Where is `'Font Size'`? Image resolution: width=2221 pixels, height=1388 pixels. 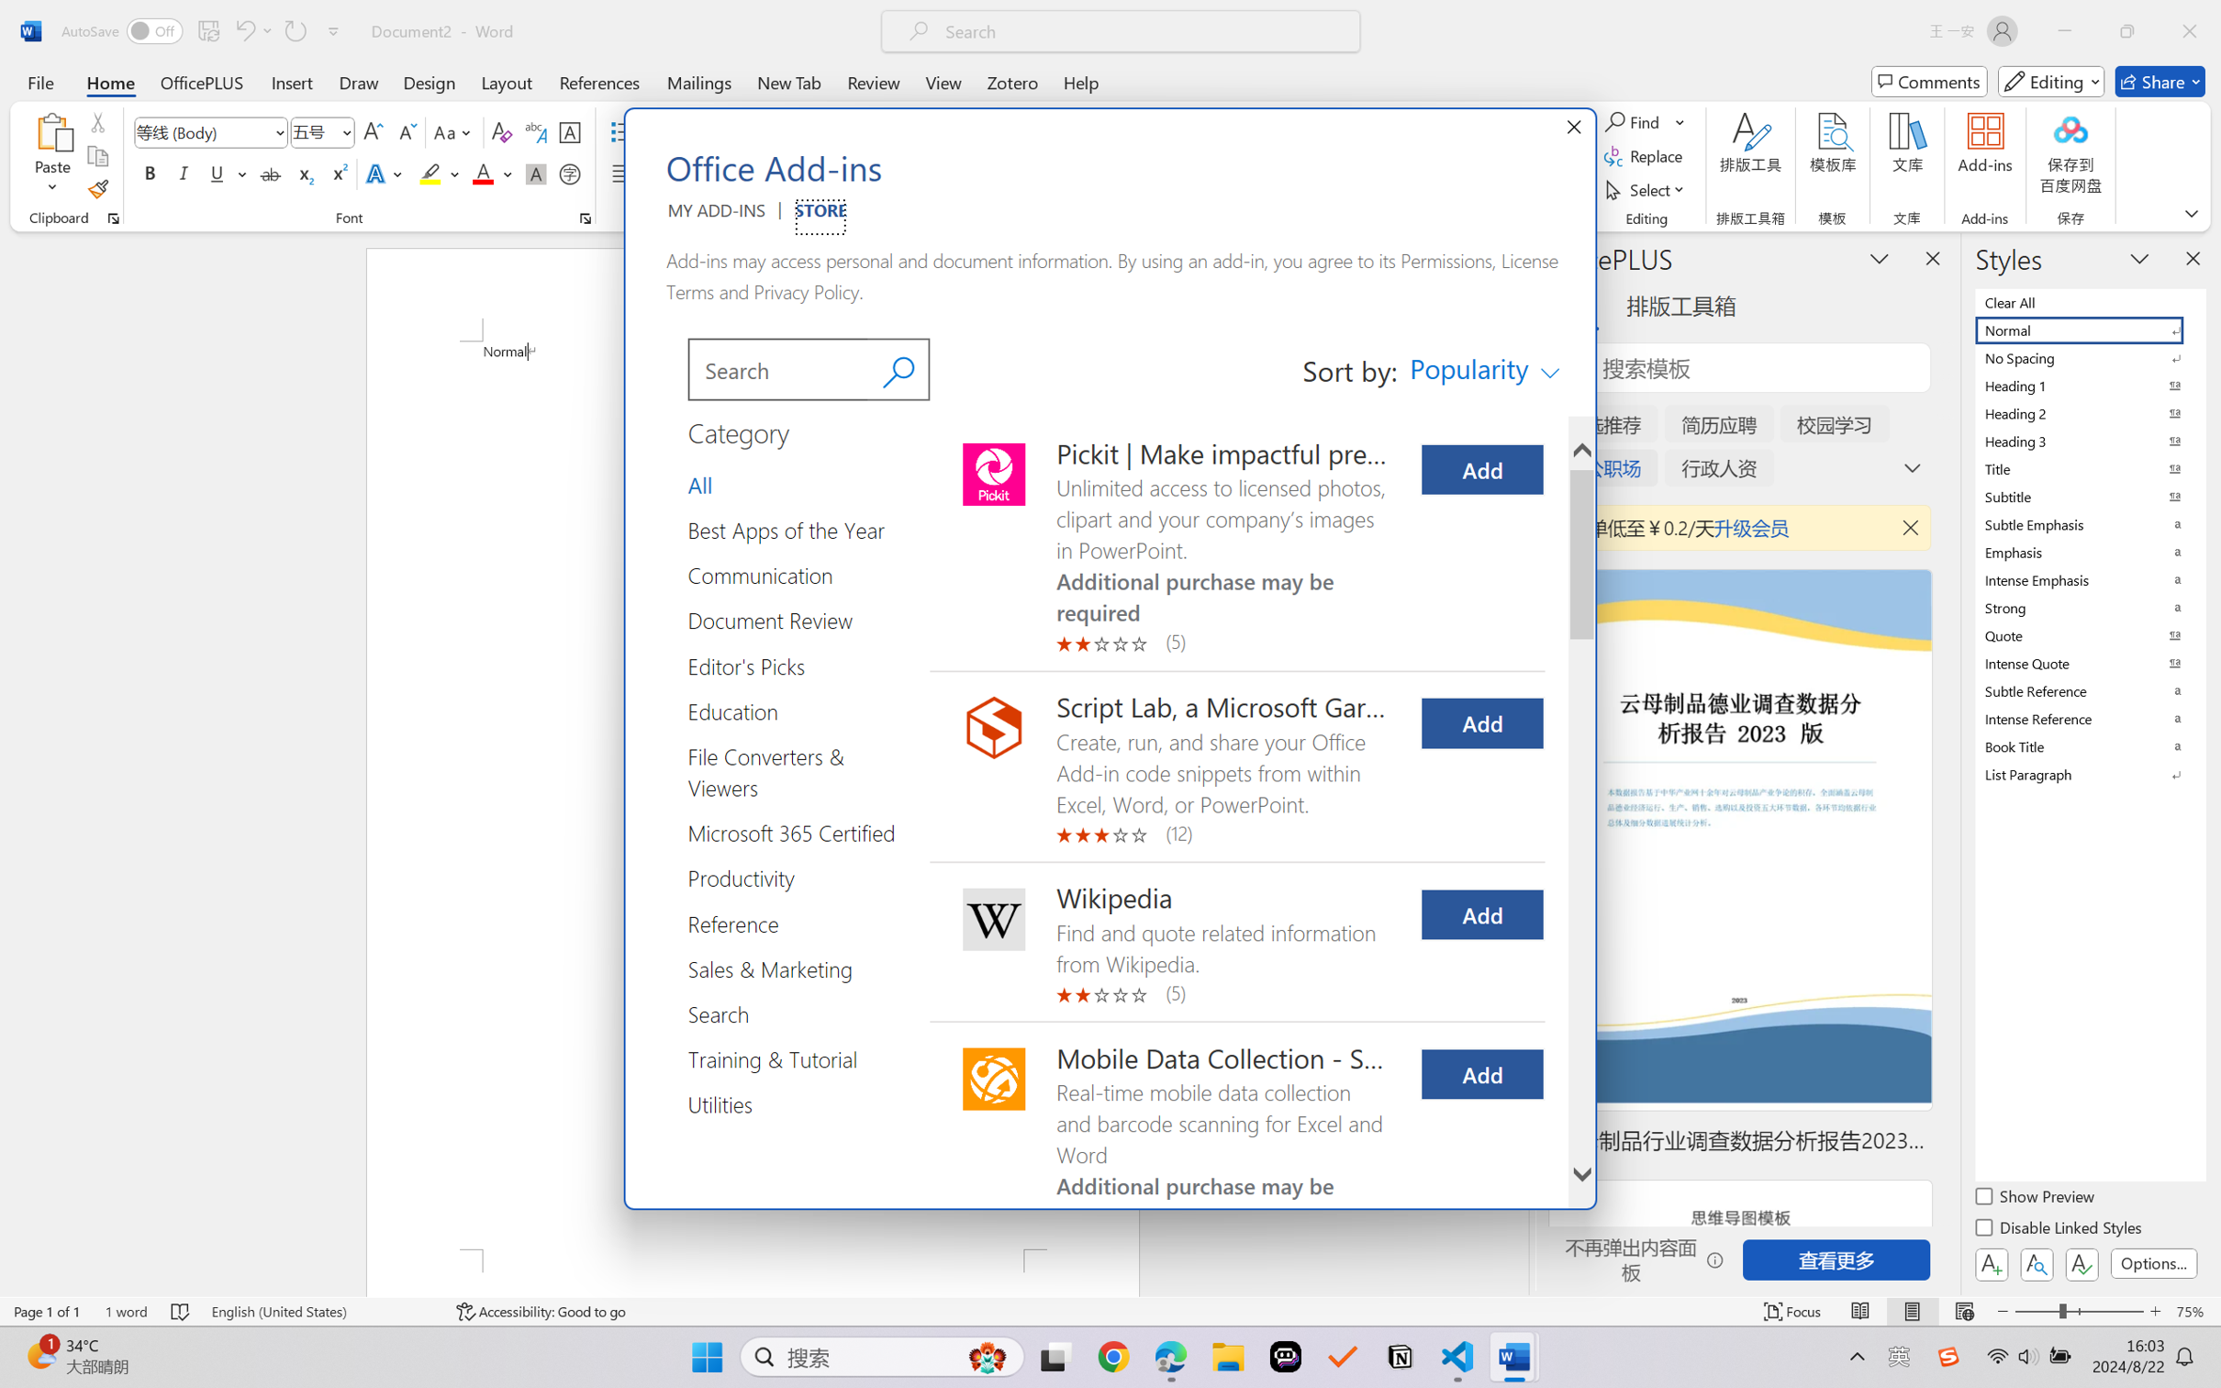 'Font Size' is located at coordinates (322, 132).